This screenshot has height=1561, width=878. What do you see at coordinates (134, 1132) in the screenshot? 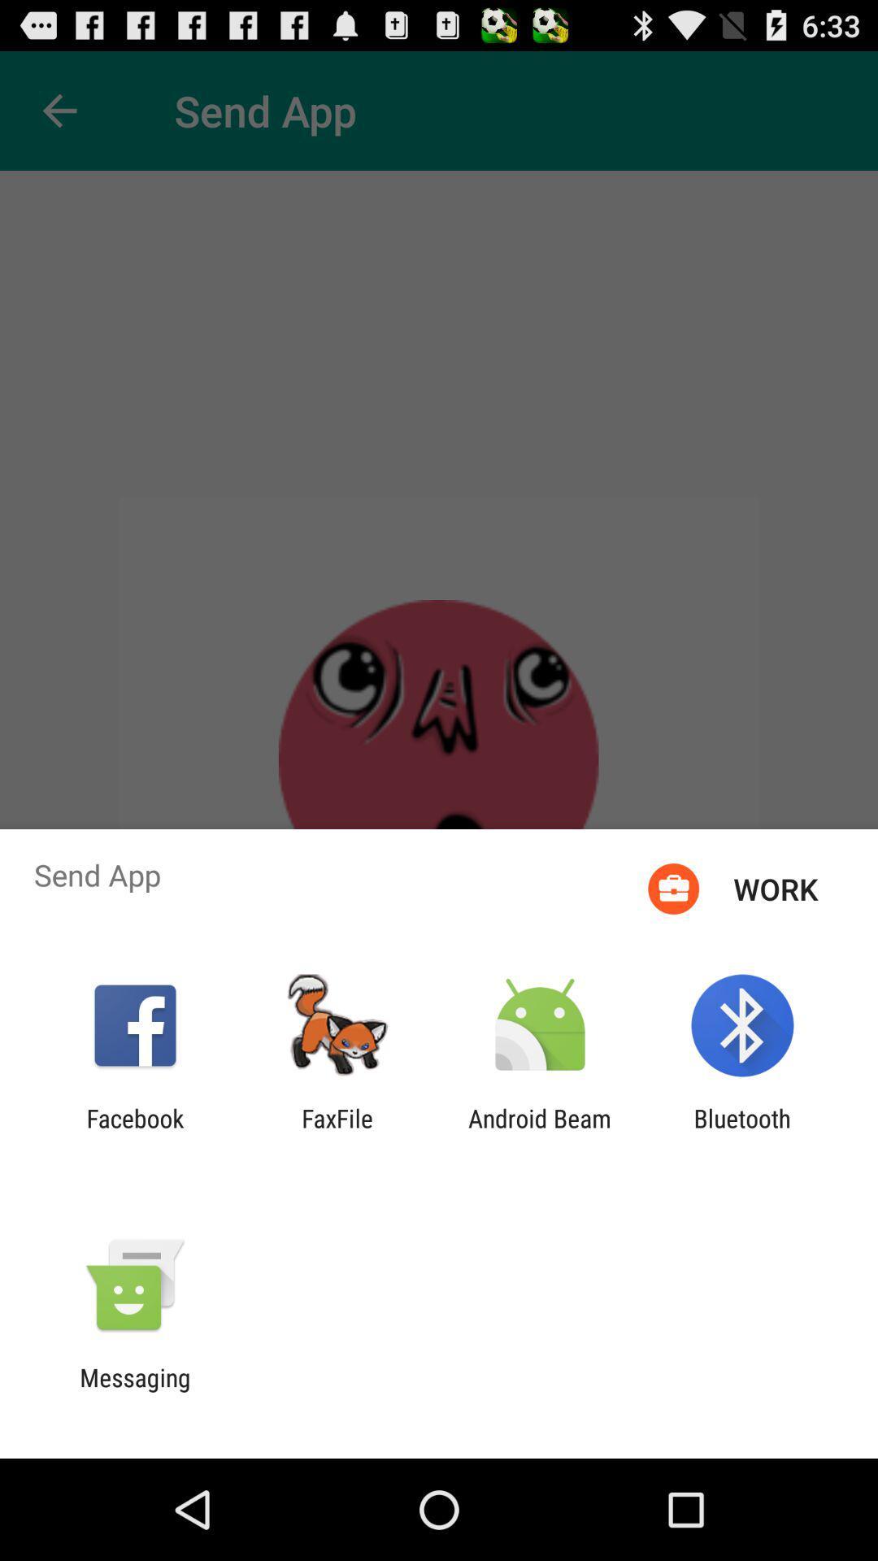
I see `facebook app` at bounding box center [134, 1132].